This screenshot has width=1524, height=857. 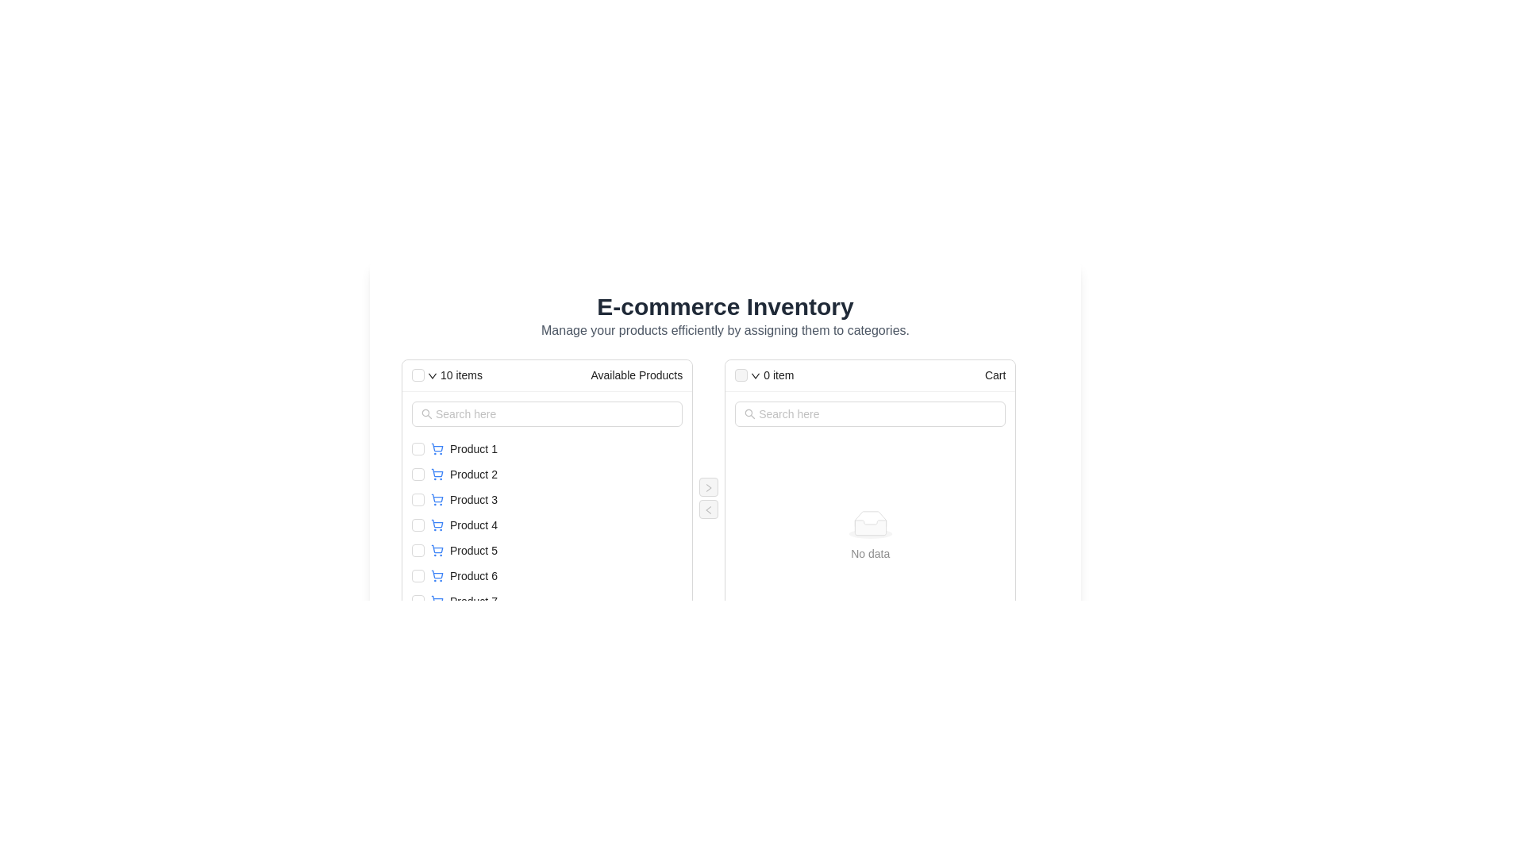 What do you see at coordinates (583, 375) in the screenshot?
I see `the static label displaying 'Available Products' located in the header section, which is to the right of the '10 items' count indicator and aligned with the checkbox` at bounding box center [583, 375].